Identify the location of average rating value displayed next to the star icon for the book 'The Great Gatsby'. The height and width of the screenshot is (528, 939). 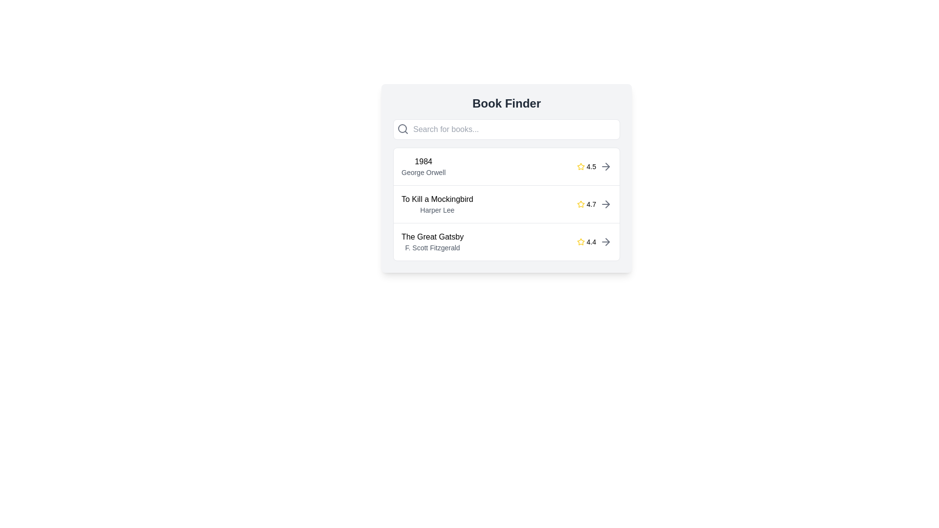
(586, 242).